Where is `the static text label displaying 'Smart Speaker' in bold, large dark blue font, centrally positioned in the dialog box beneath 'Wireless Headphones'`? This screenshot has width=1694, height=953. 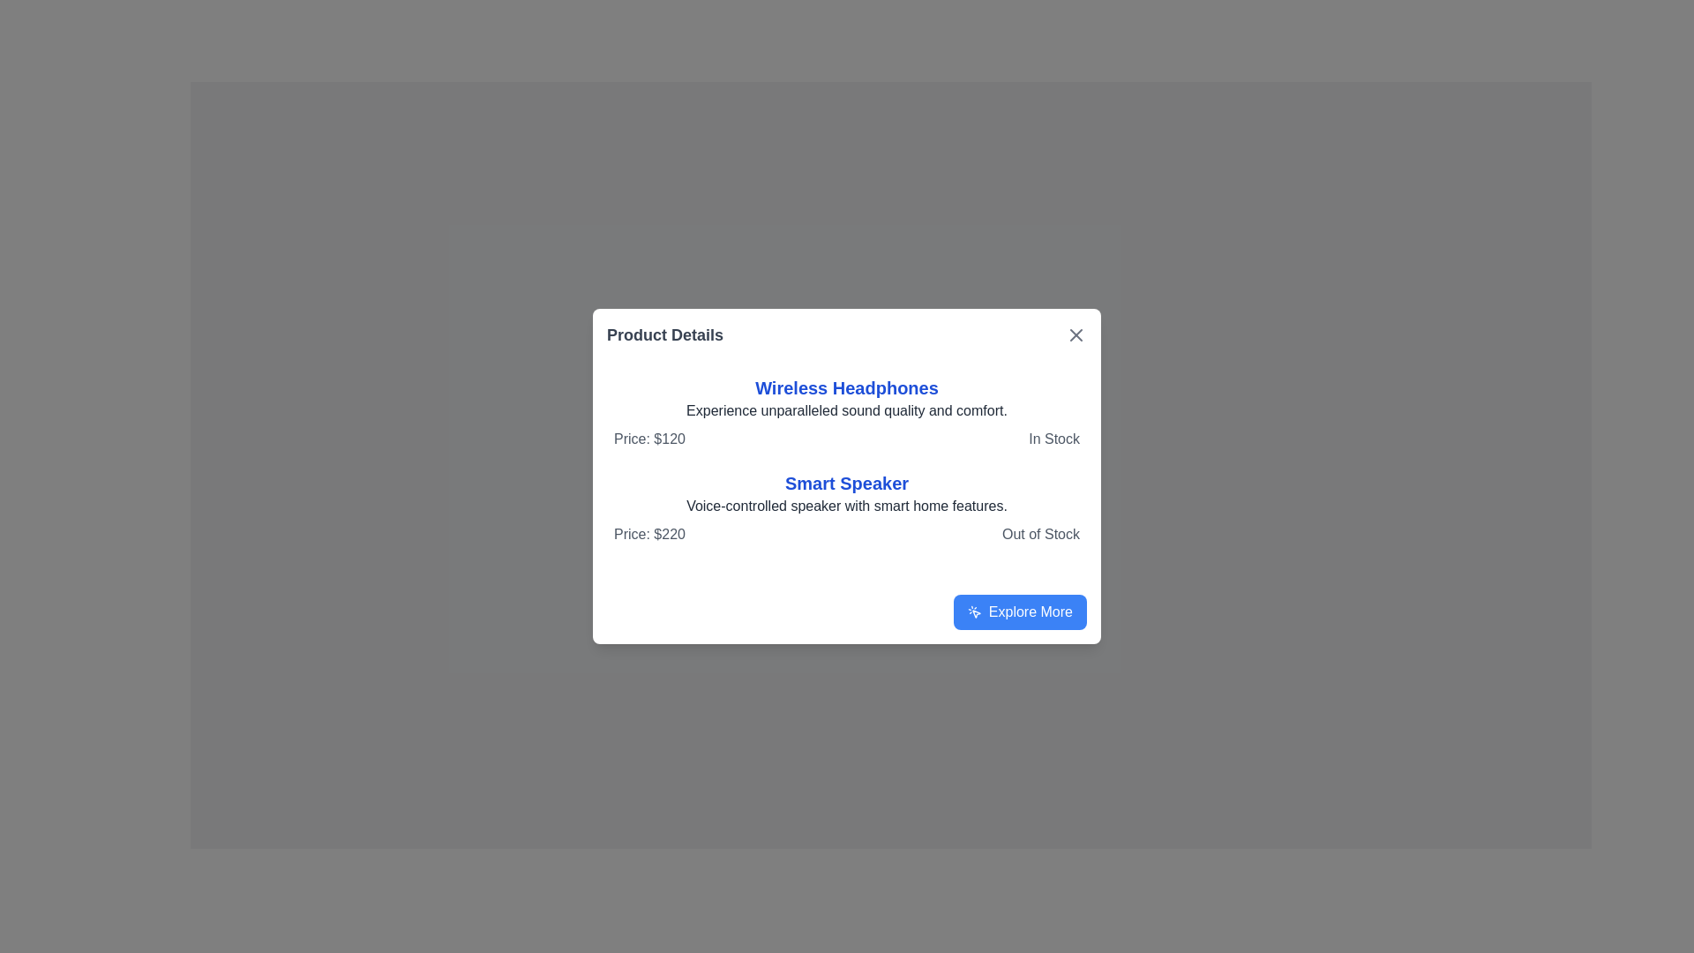
the static text label displaying 'Smart Speaker' in bold, large dark blue font, centrally positioned in the dialog box beneath 'Wireless Headphones' is located at coordinates (847, 483).